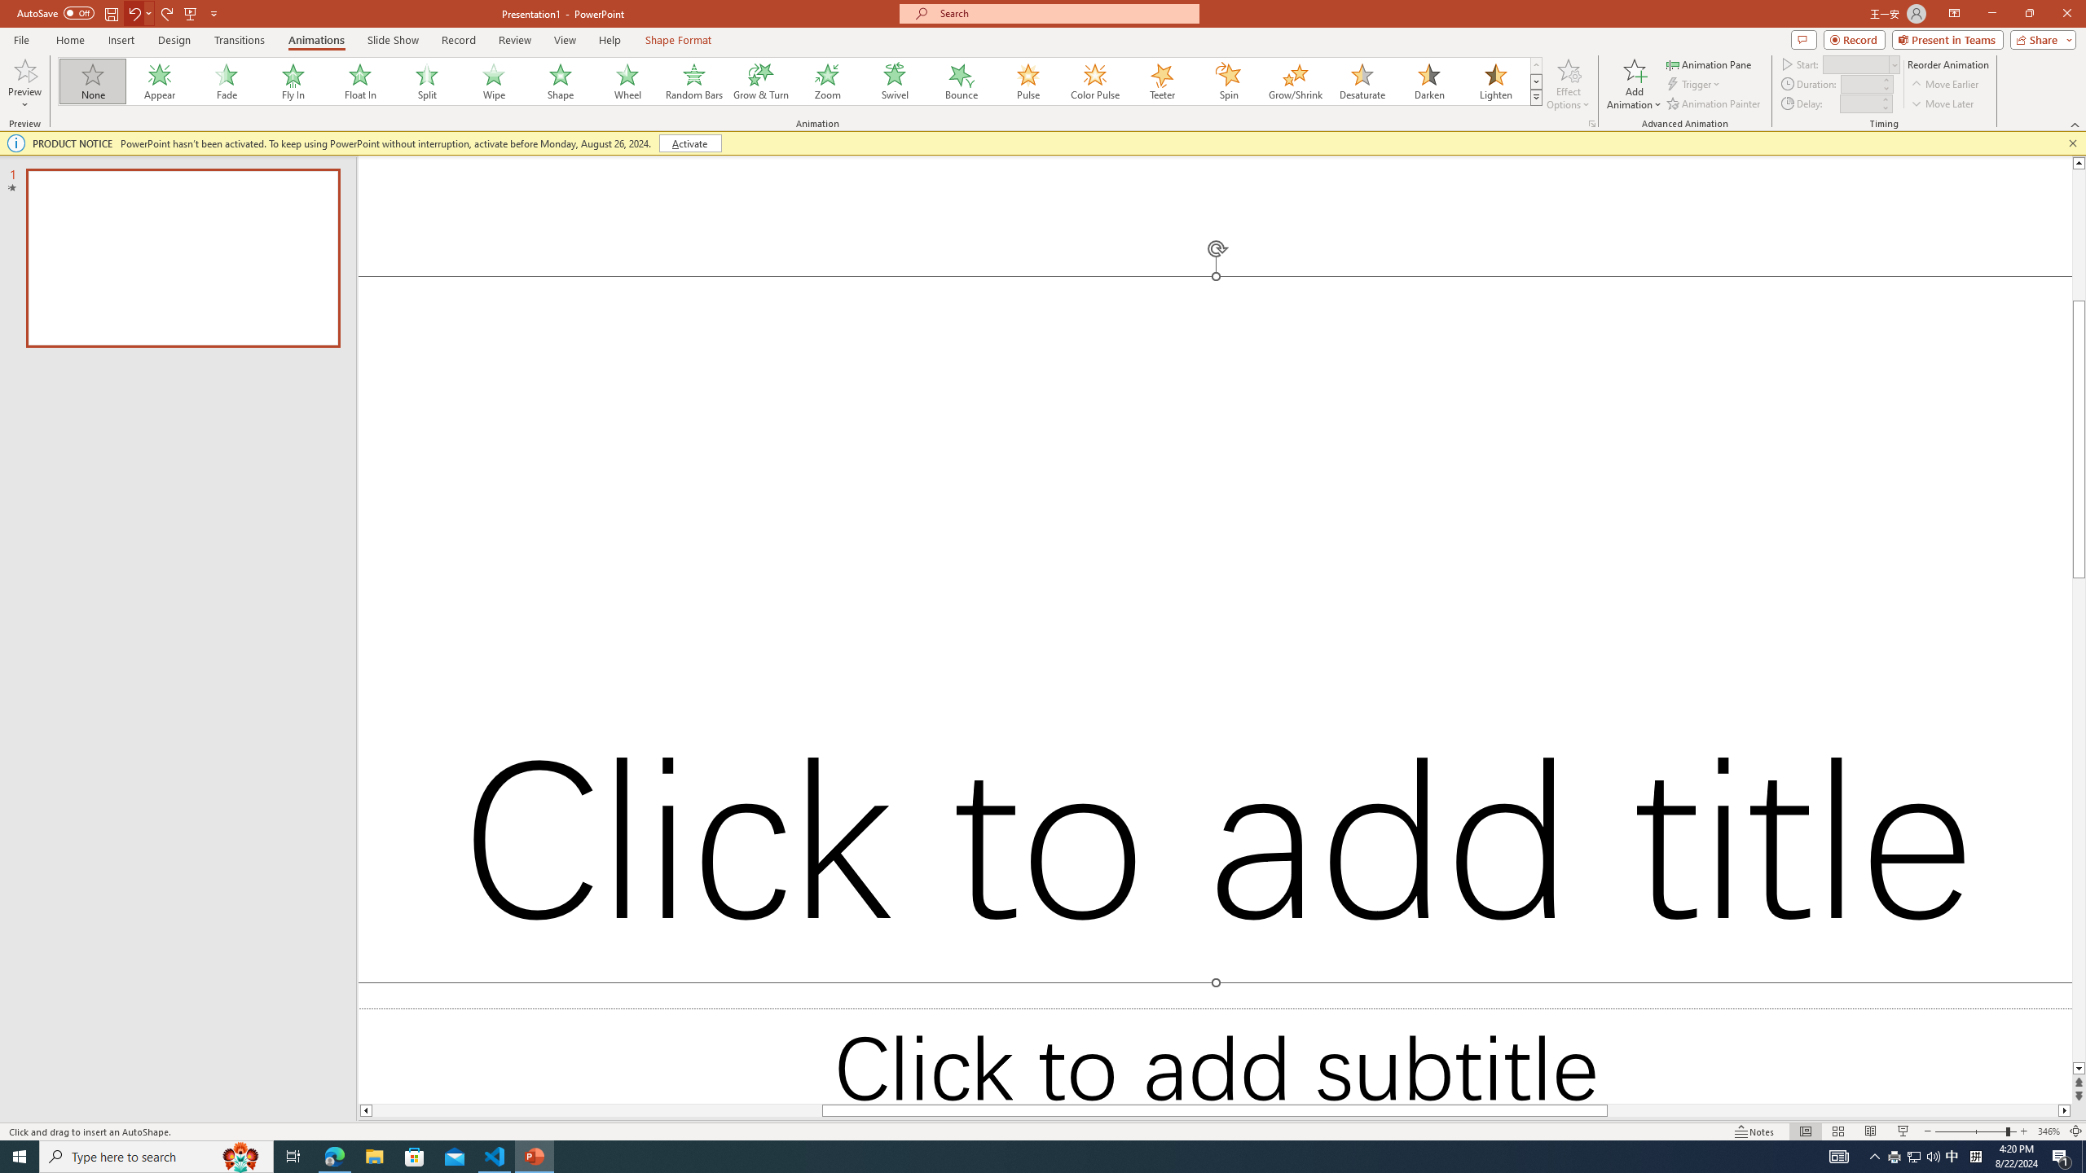  I want to click on 'Darken', so click(1428, 81).